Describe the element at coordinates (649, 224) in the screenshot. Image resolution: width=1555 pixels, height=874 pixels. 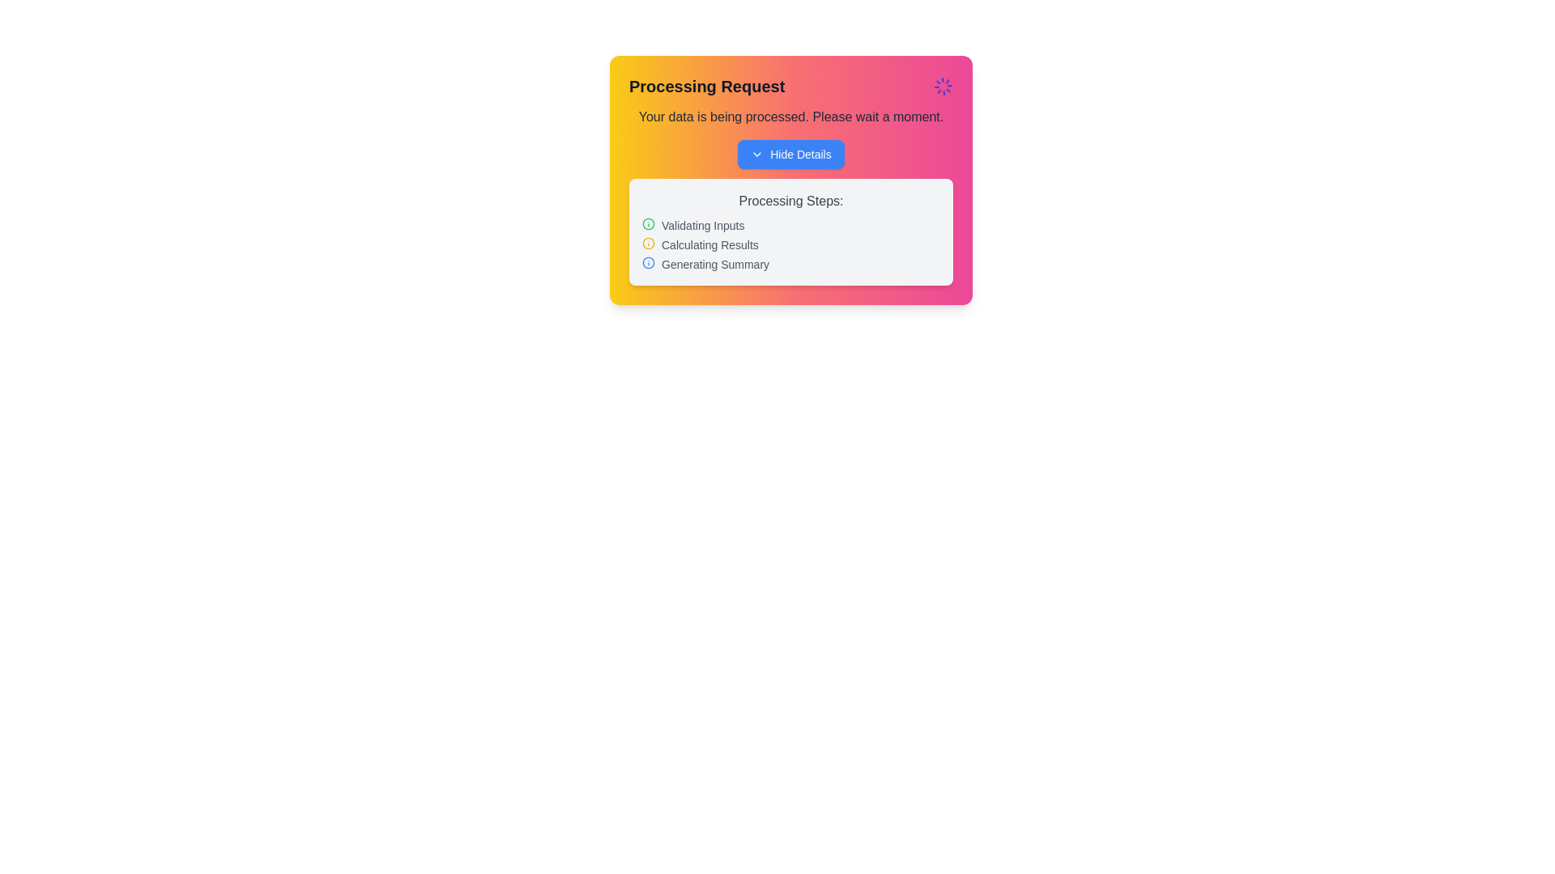
I see `the green circular border surrounding the smaller red circular element` at that location.